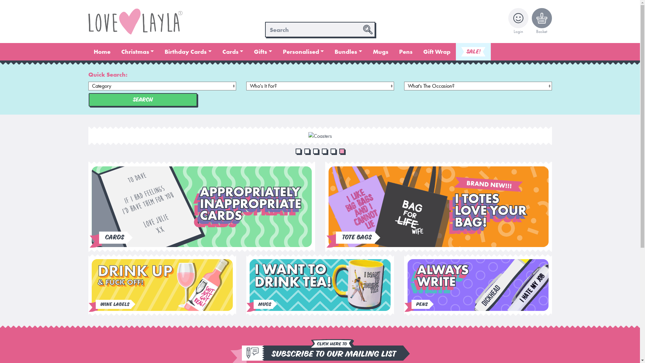 This screenshot has height=363, width=645. I want to click on 'Cards', so click(233, 51).